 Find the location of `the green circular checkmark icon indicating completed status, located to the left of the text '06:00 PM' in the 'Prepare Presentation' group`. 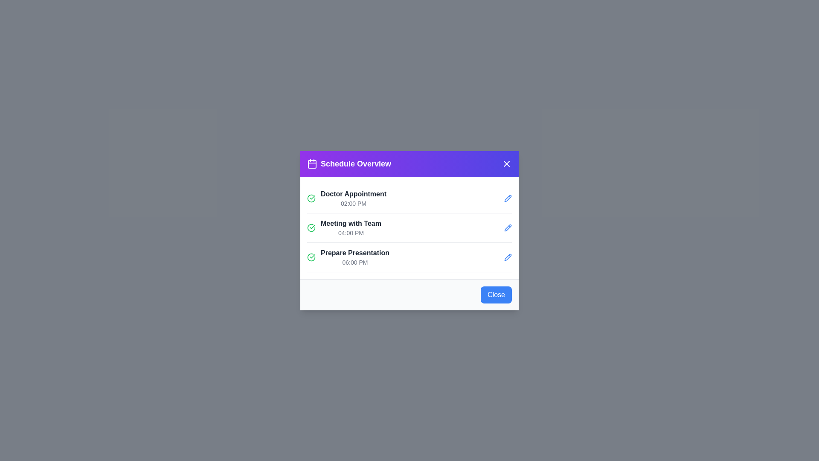

the green circular checkmark icon indicating completed status, located to the left of the text '06:00 PM' in the 'Prepare Presentation' group is located at coordinates (311, 257).